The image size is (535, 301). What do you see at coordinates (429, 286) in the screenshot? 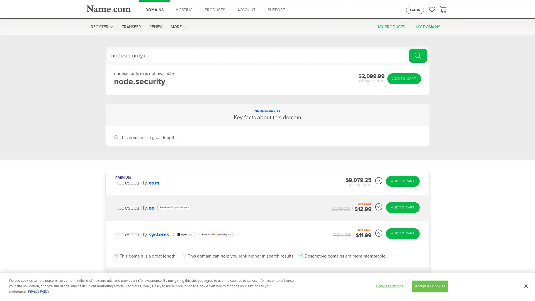
I see `Accept All Cookies` at bounding box center [429, 286].